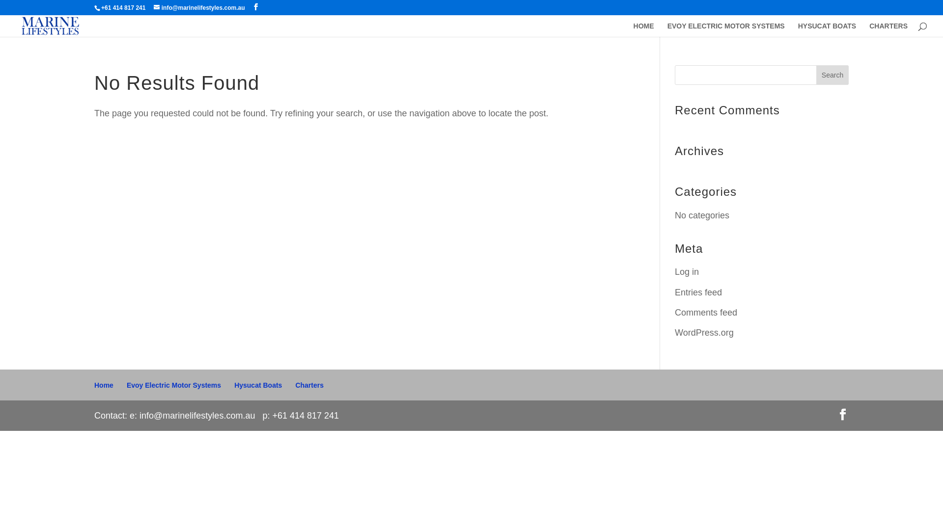 Image resolution: width=943 pixels, height=530 pixels. Describe the element at coordinates (308, 385) in the screenshot. I see `'Charters'` at that location.